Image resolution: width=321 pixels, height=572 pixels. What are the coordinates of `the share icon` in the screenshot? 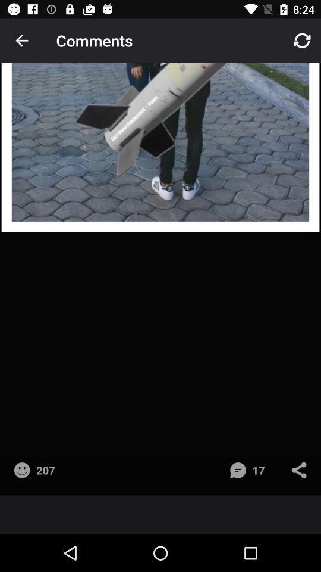 It's located at (301, 475).